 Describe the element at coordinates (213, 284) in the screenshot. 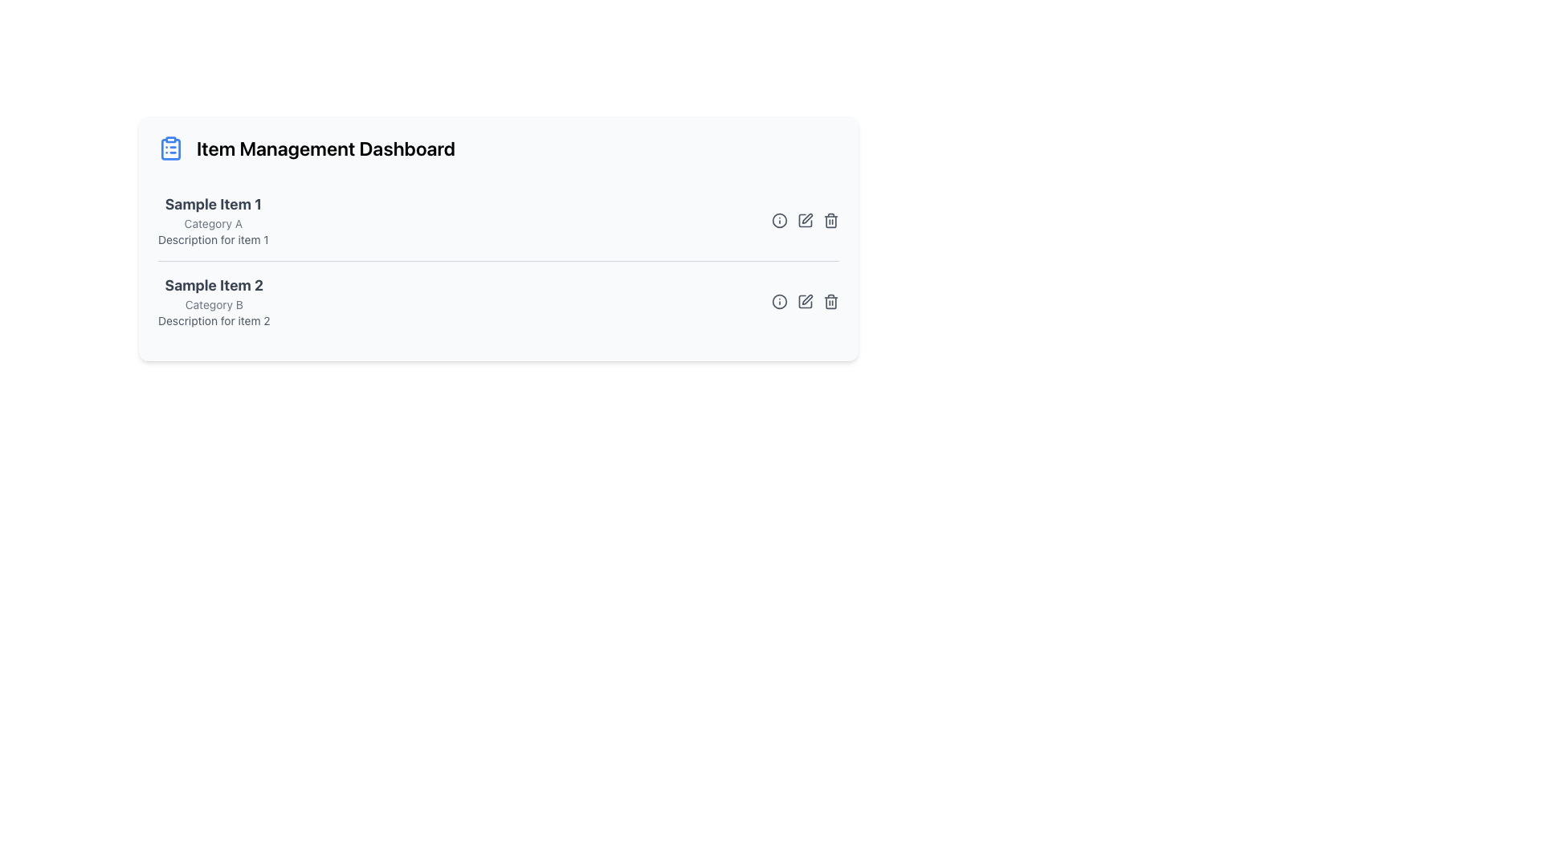

I see `the text label displaying 'Sample Item 2'` at that location.